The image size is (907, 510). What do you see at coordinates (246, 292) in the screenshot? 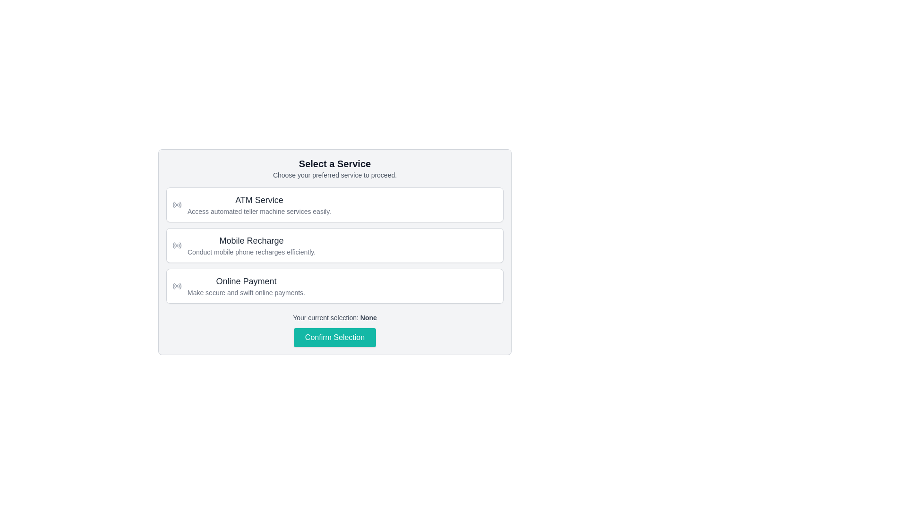
I see `descriptive text label located beneath the 'Online Payment' title in the bottom part of the services panel` at bounding box center [246, 292].